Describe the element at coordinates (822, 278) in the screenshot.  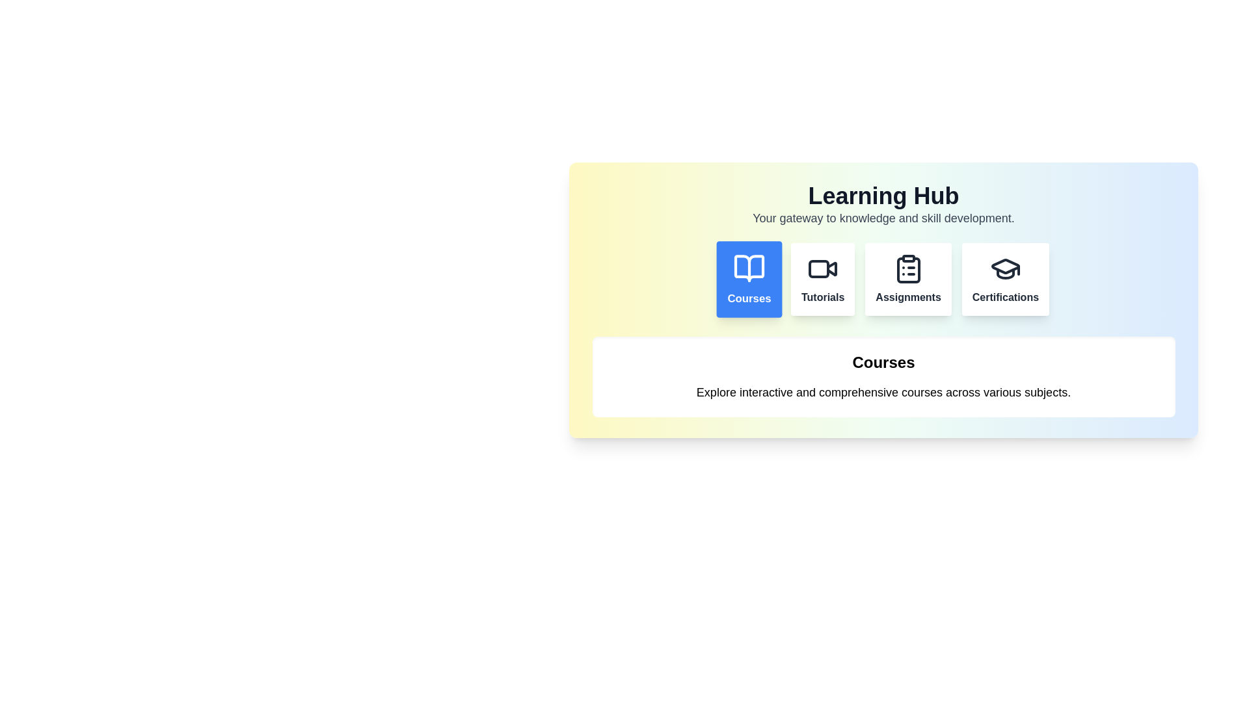
I see `the button labeled Tutorials to observe its hover effect` at that location.